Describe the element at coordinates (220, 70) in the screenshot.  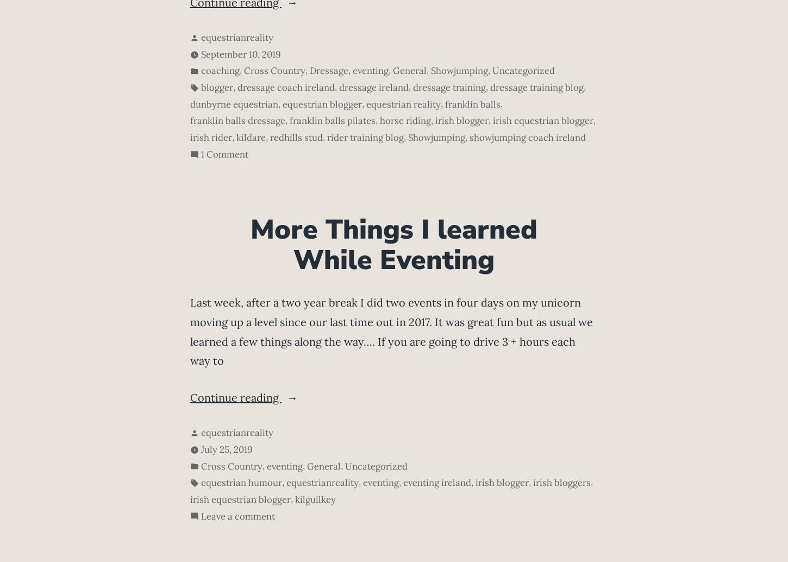
I see `'coaching'` at that location.